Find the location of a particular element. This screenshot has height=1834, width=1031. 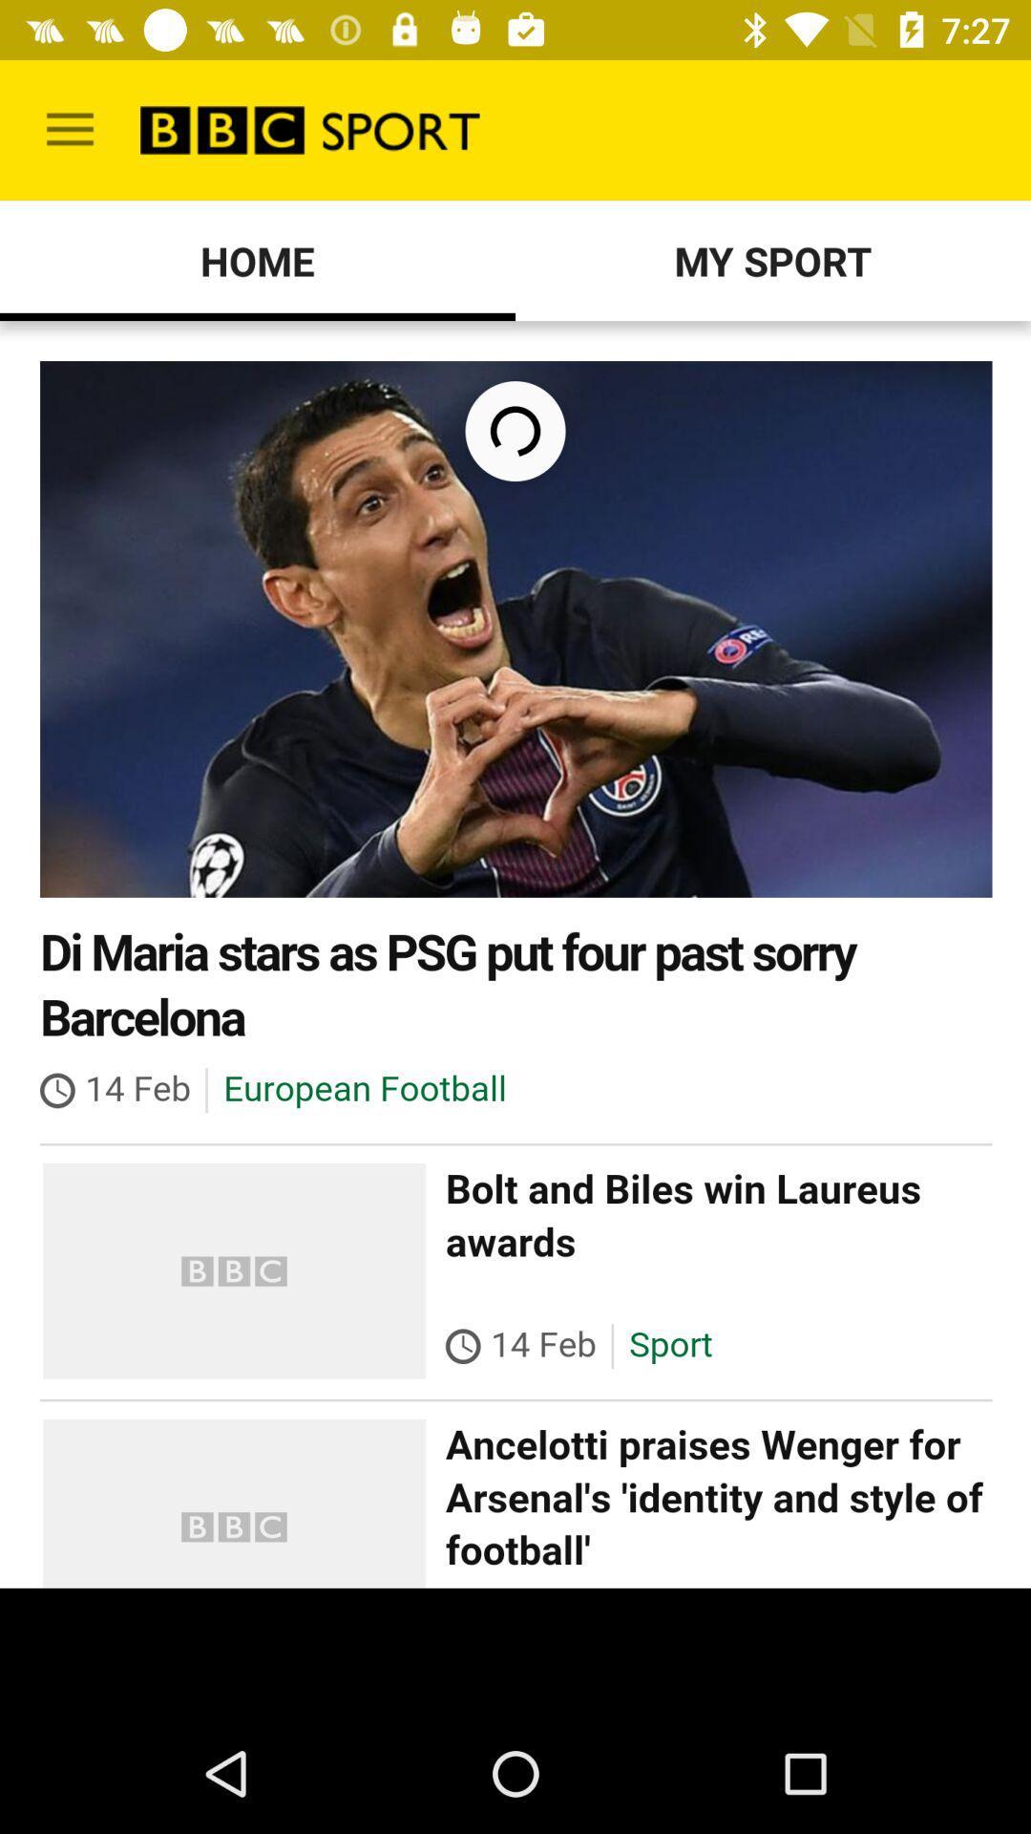

bbc sport is located at coordinates (515, 954).